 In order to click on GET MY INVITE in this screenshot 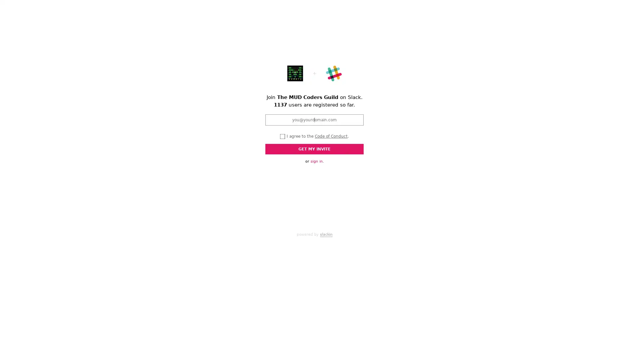, I will do `click(314, 149)`.